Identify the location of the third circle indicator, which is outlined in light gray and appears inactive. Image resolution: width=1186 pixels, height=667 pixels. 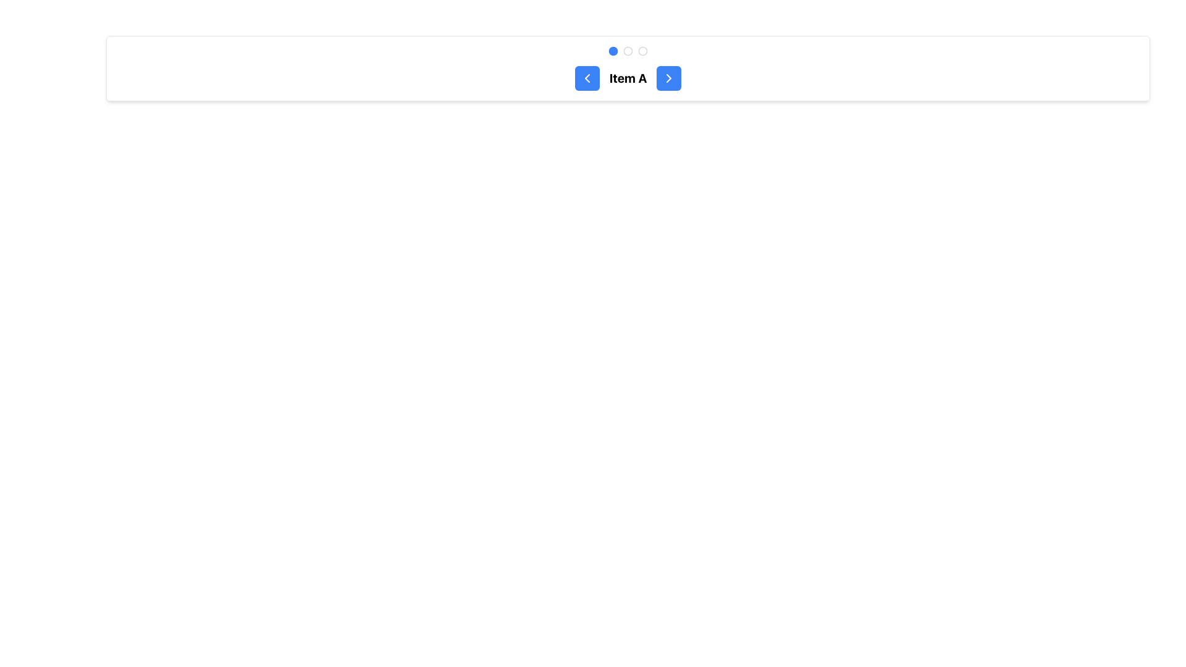
(642, 51).